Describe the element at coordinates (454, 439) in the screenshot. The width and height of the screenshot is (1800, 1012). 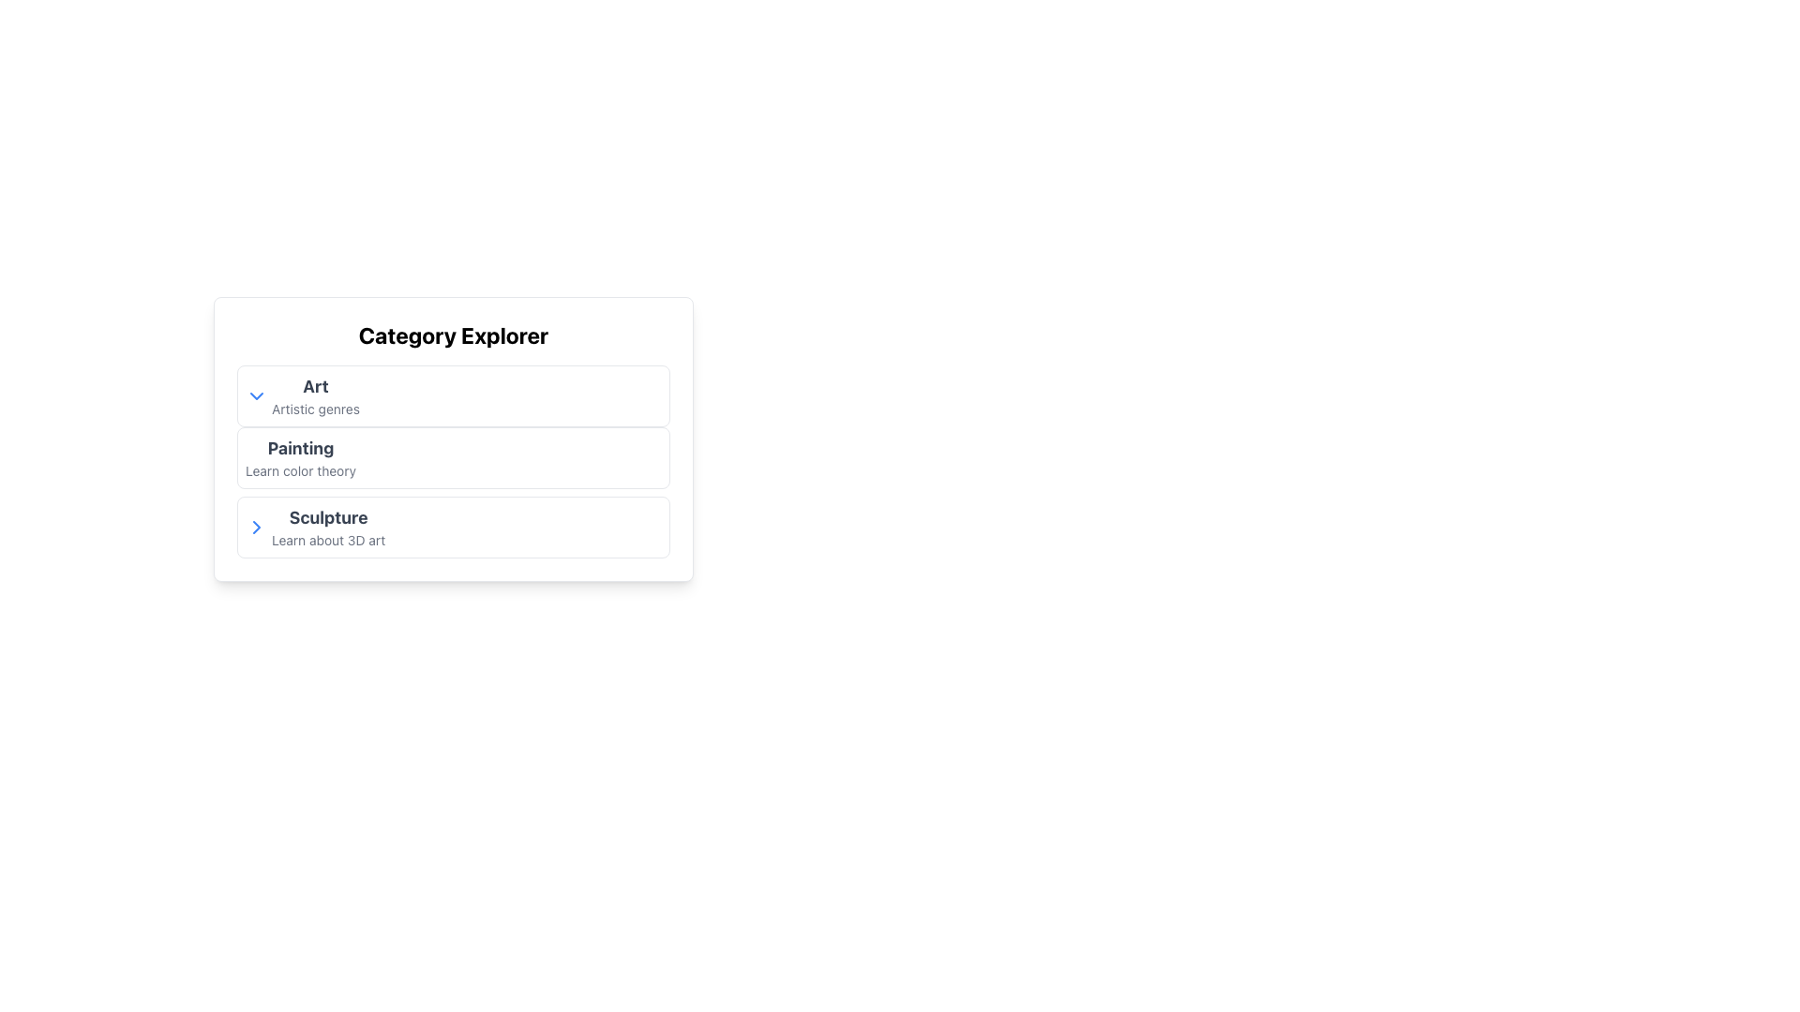
I see `the second list item in the 'Category Explorer' labeled 'Painting'` at that location.